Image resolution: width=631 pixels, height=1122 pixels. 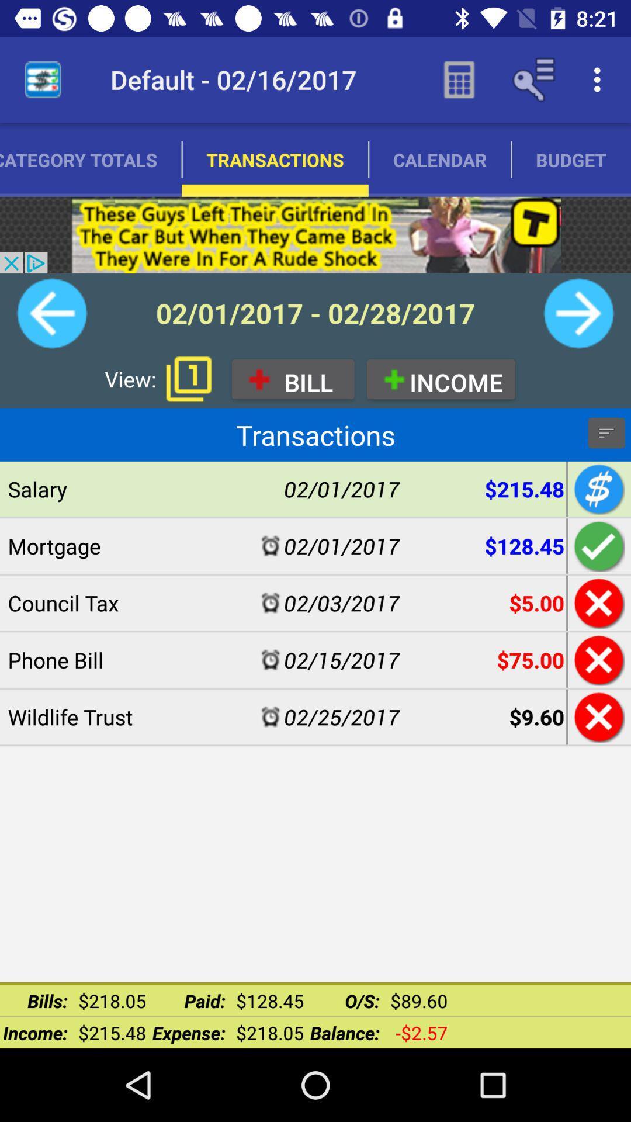 What do you see at coordinates (188, 379) in the screenshot?
I see `page 1` at bounding box center [188, 379].